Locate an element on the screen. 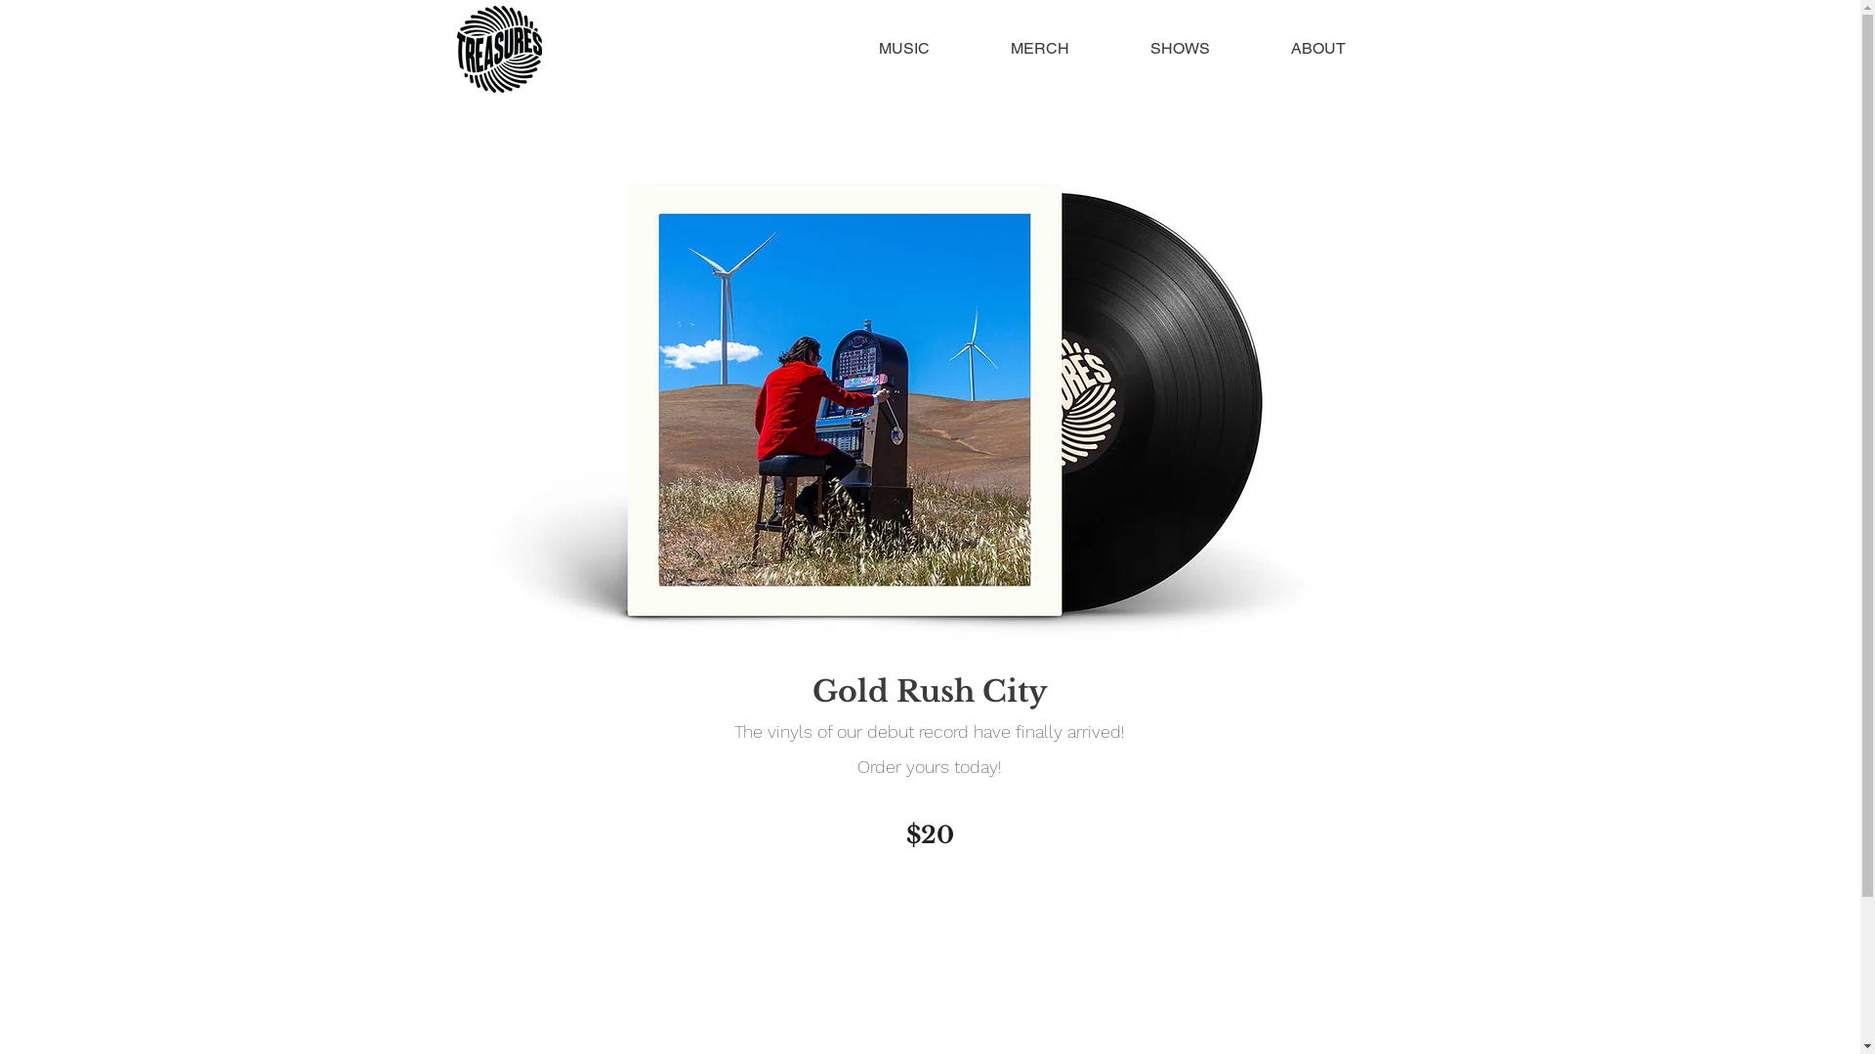  'ABOUT' is located at coordinates (1317, 48).